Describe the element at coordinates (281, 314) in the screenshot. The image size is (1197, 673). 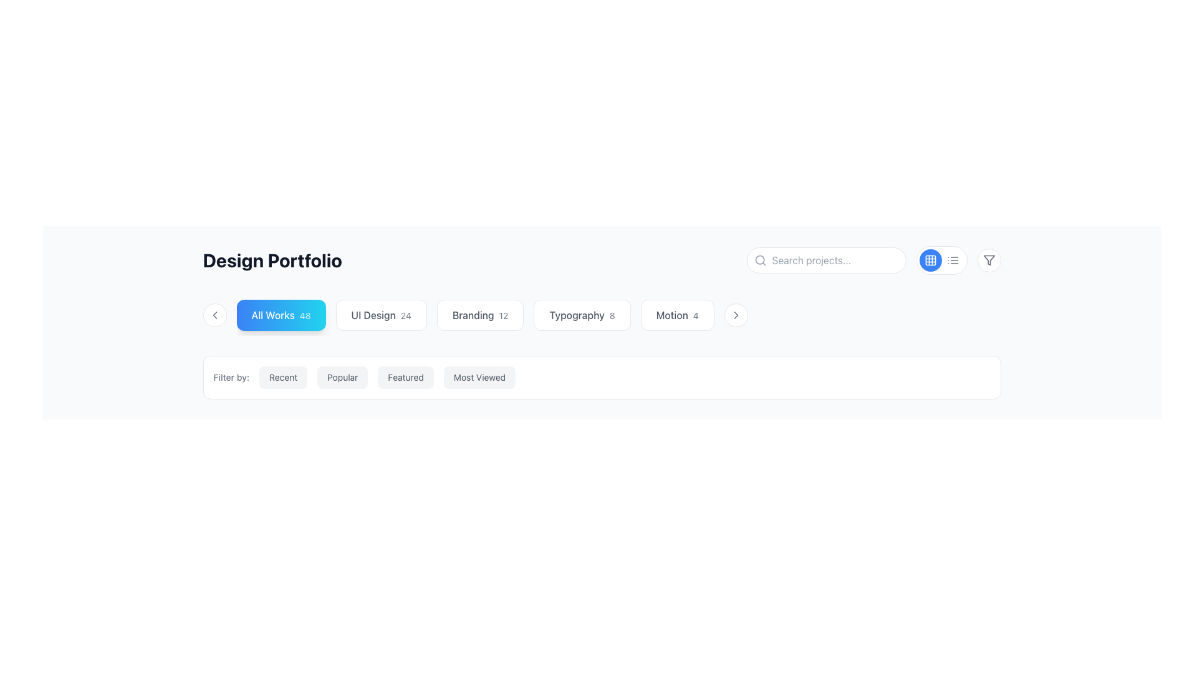
I see `the first button in the horizontal list on the second row to filter by 'All Works.'` at that location.